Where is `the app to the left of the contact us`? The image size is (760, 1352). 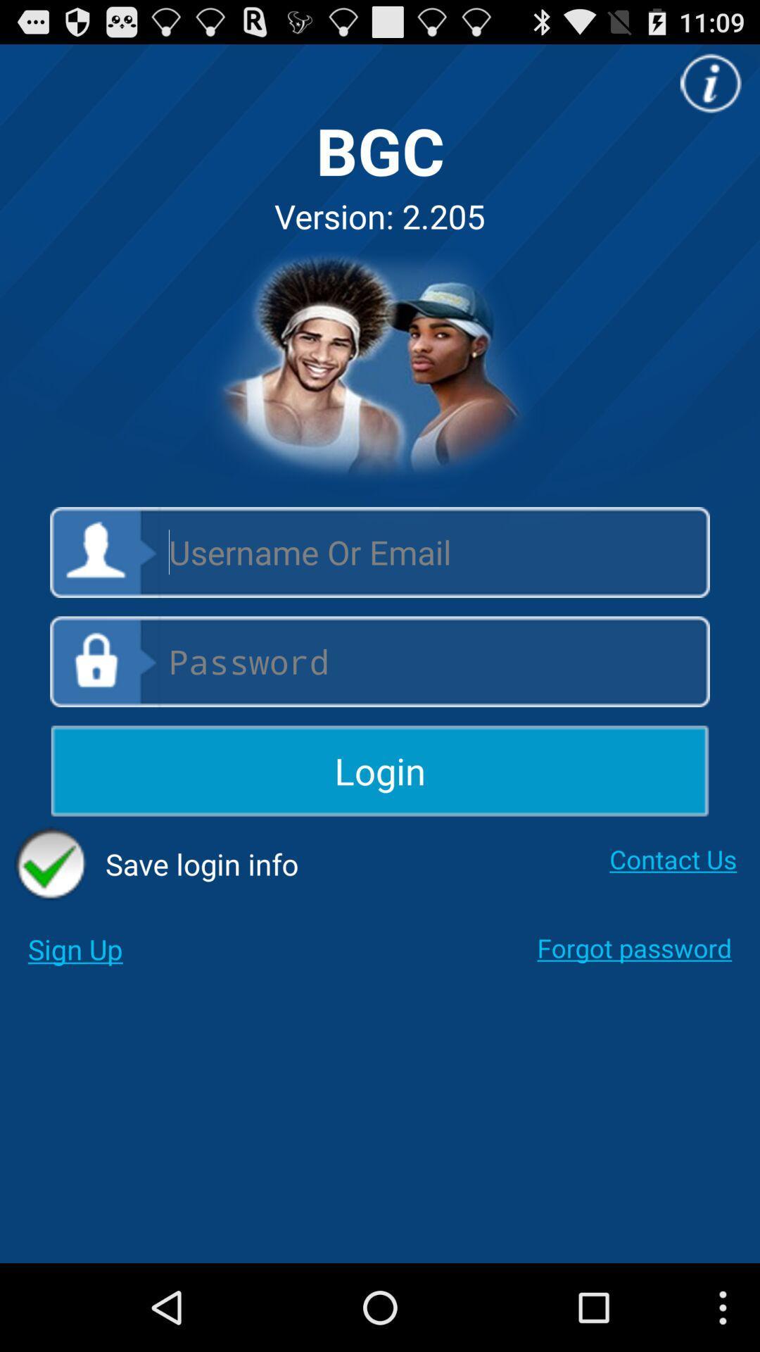
the app to the left of the contact us is located at coordinates (156, 863).